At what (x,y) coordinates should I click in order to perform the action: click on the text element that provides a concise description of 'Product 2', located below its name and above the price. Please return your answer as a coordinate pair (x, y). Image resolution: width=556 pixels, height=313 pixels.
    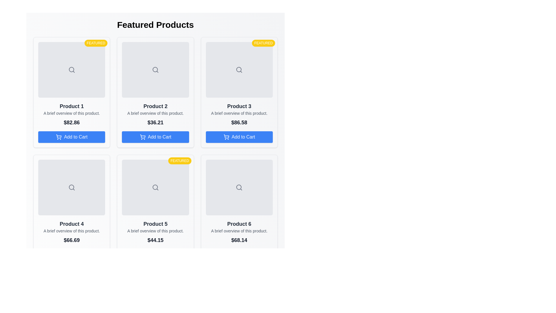
    Looking at the image, I should click on (156, 113).